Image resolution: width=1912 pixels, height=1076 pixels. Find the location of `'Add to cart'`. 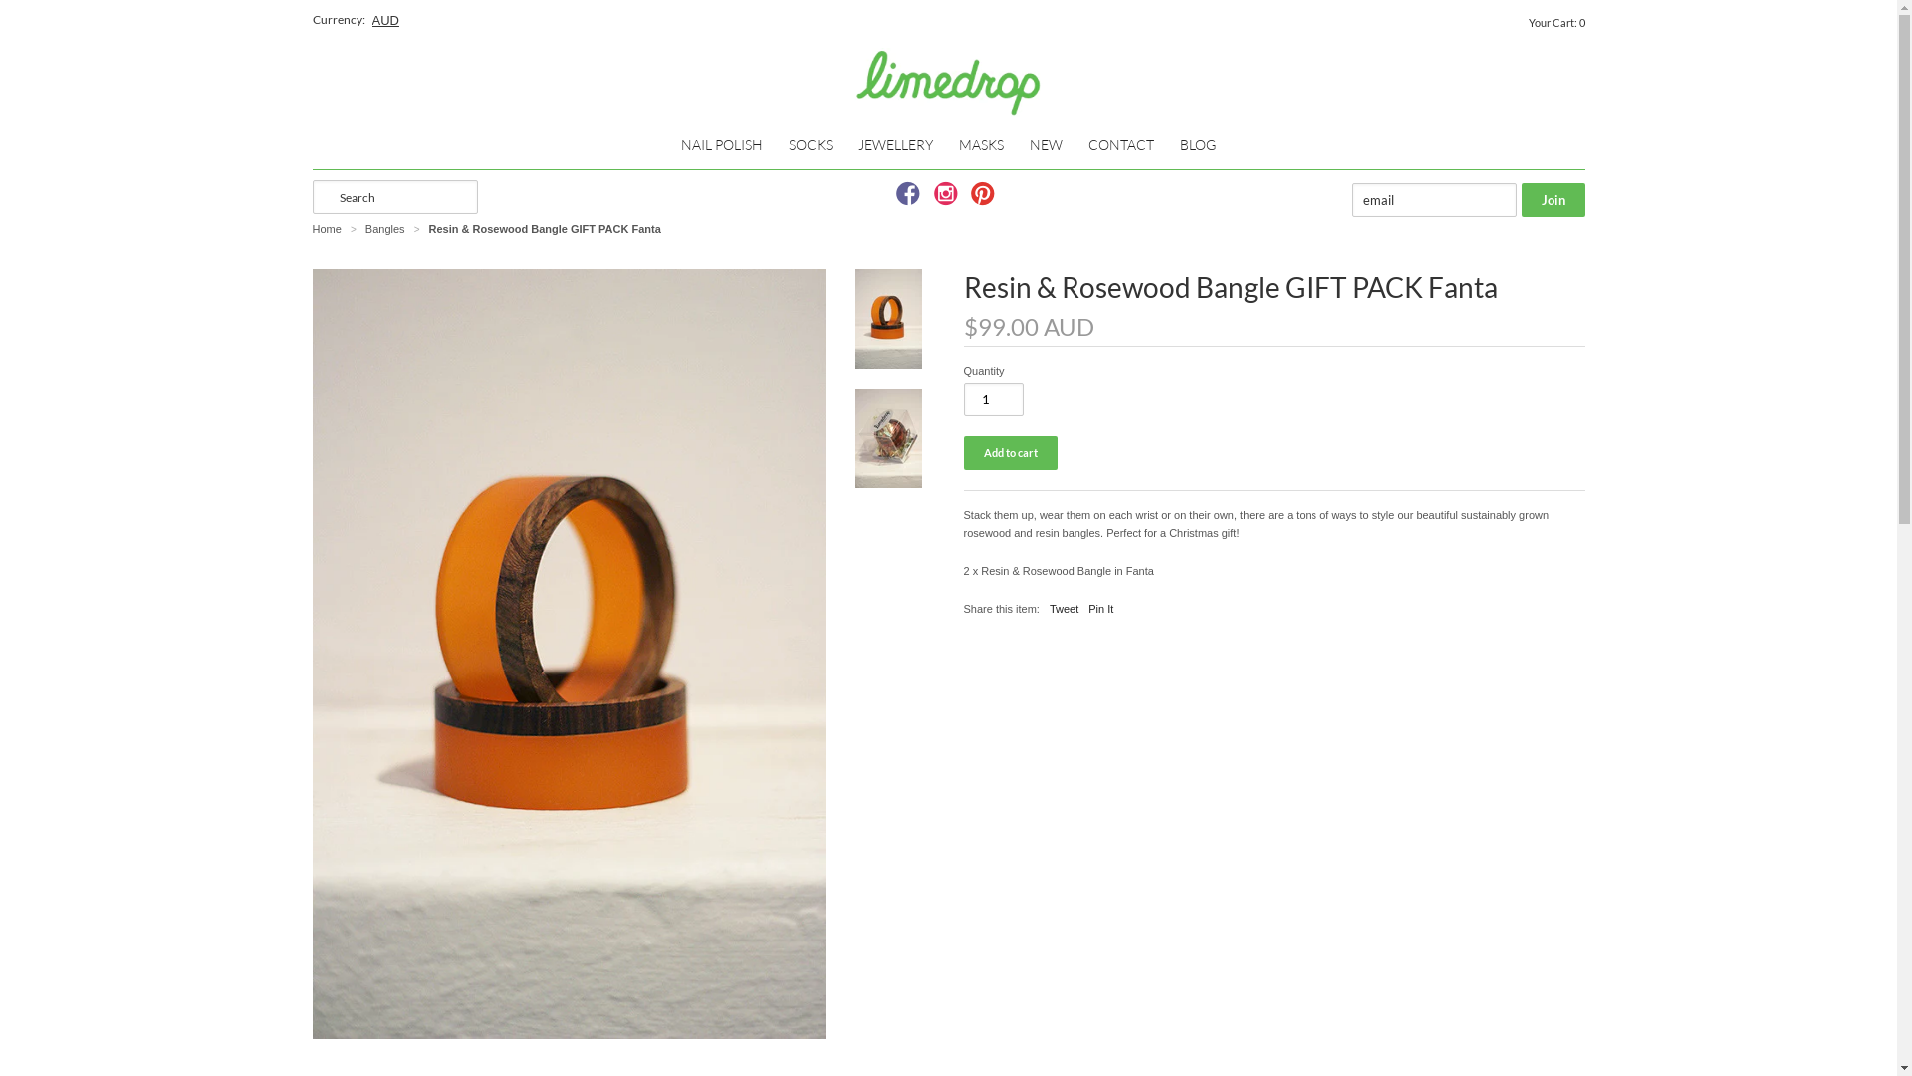

'Add to cart' is located at coordinates (964, 453).